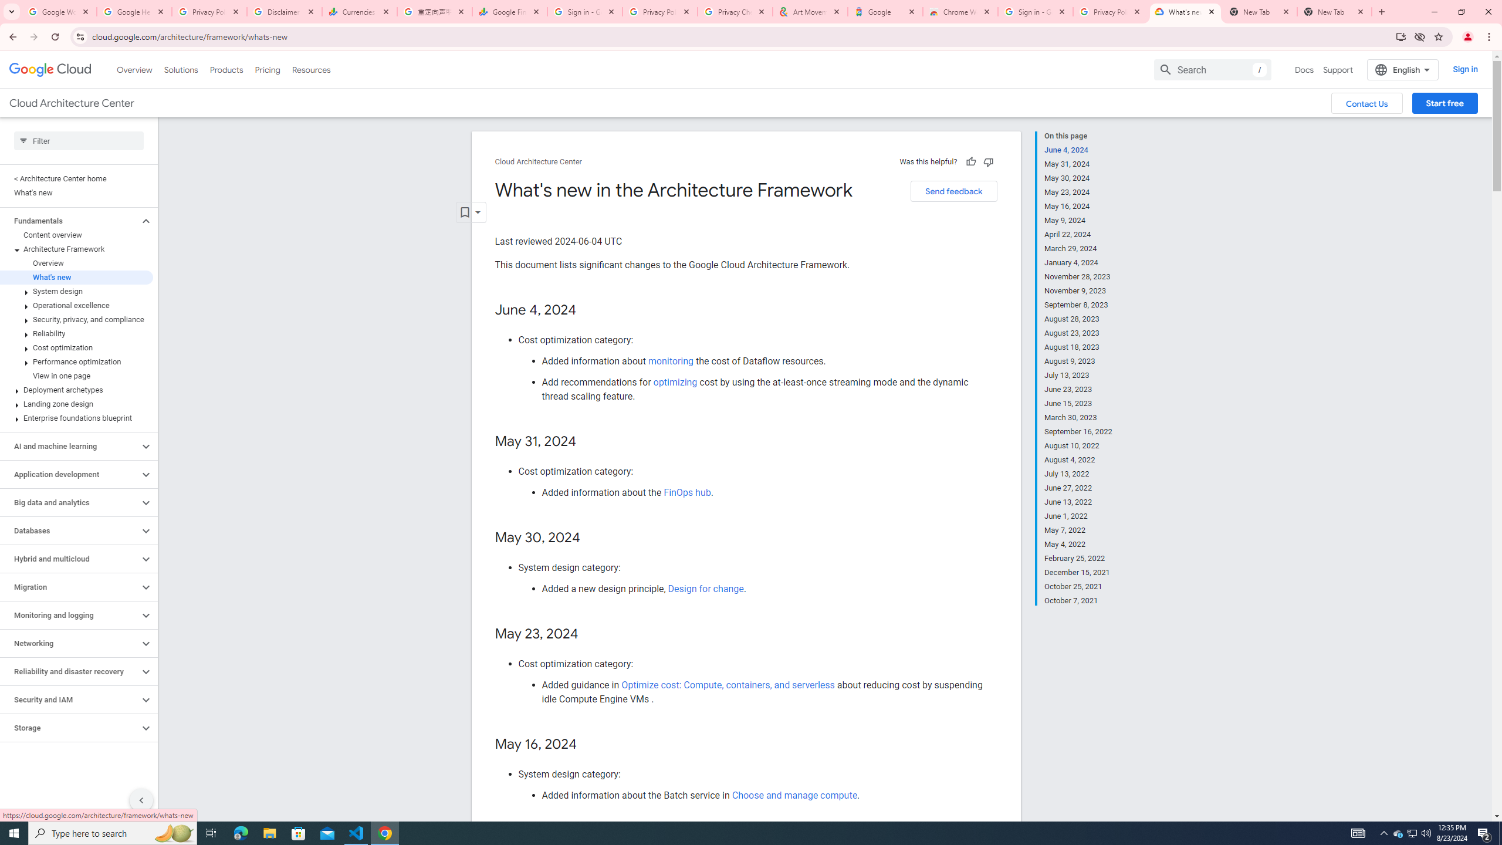  Describe the element at coordinates (674, 382) in the screenshot. I see `'optimizing'` at that location.